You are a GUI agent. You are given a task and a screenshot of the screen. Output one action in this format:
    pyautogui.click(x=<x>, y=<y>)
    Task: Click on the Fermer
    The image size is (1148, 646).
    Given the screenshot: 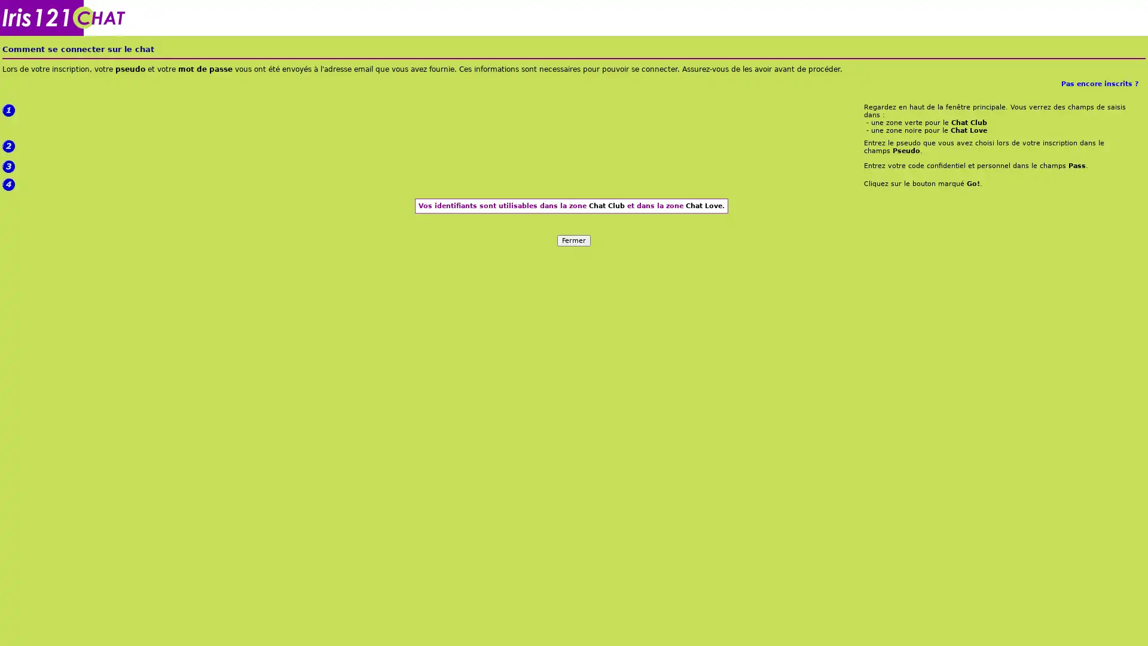 What is the action you would take?
    pyautogui.click(x=574, y=240)
    